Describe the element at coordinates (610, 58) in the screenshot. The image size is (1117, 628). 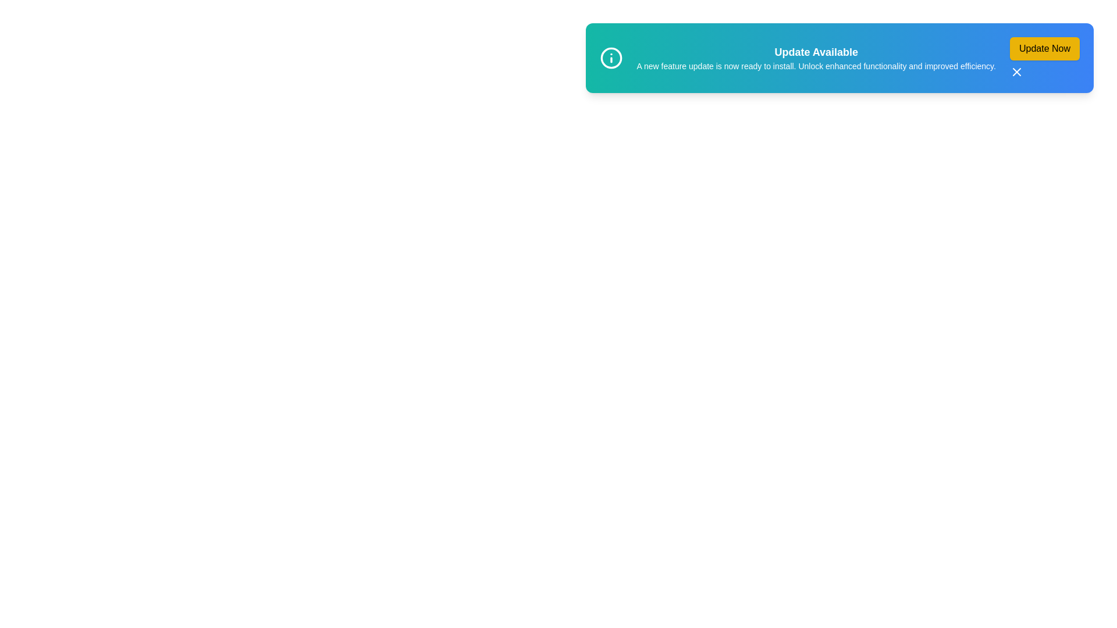
I see `the icon in the snackbar to observe its status information` at that location.